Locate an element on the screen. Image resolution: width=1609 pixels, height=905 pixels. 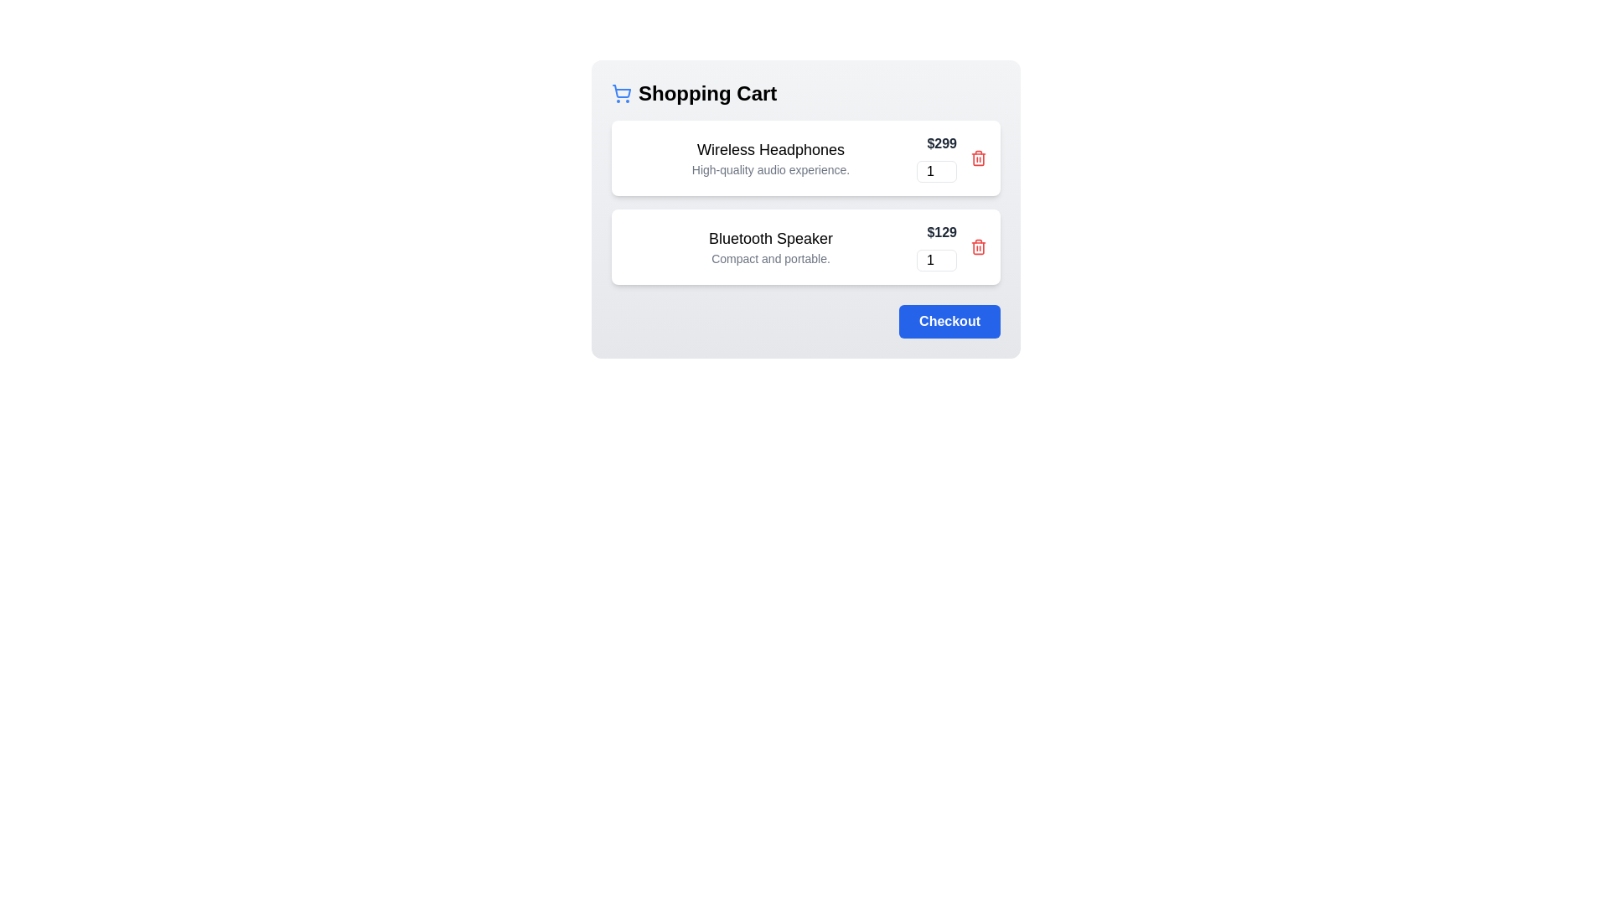
the quantity of the item to 36 by interacting with the input field is located at coordinates (936, 171).